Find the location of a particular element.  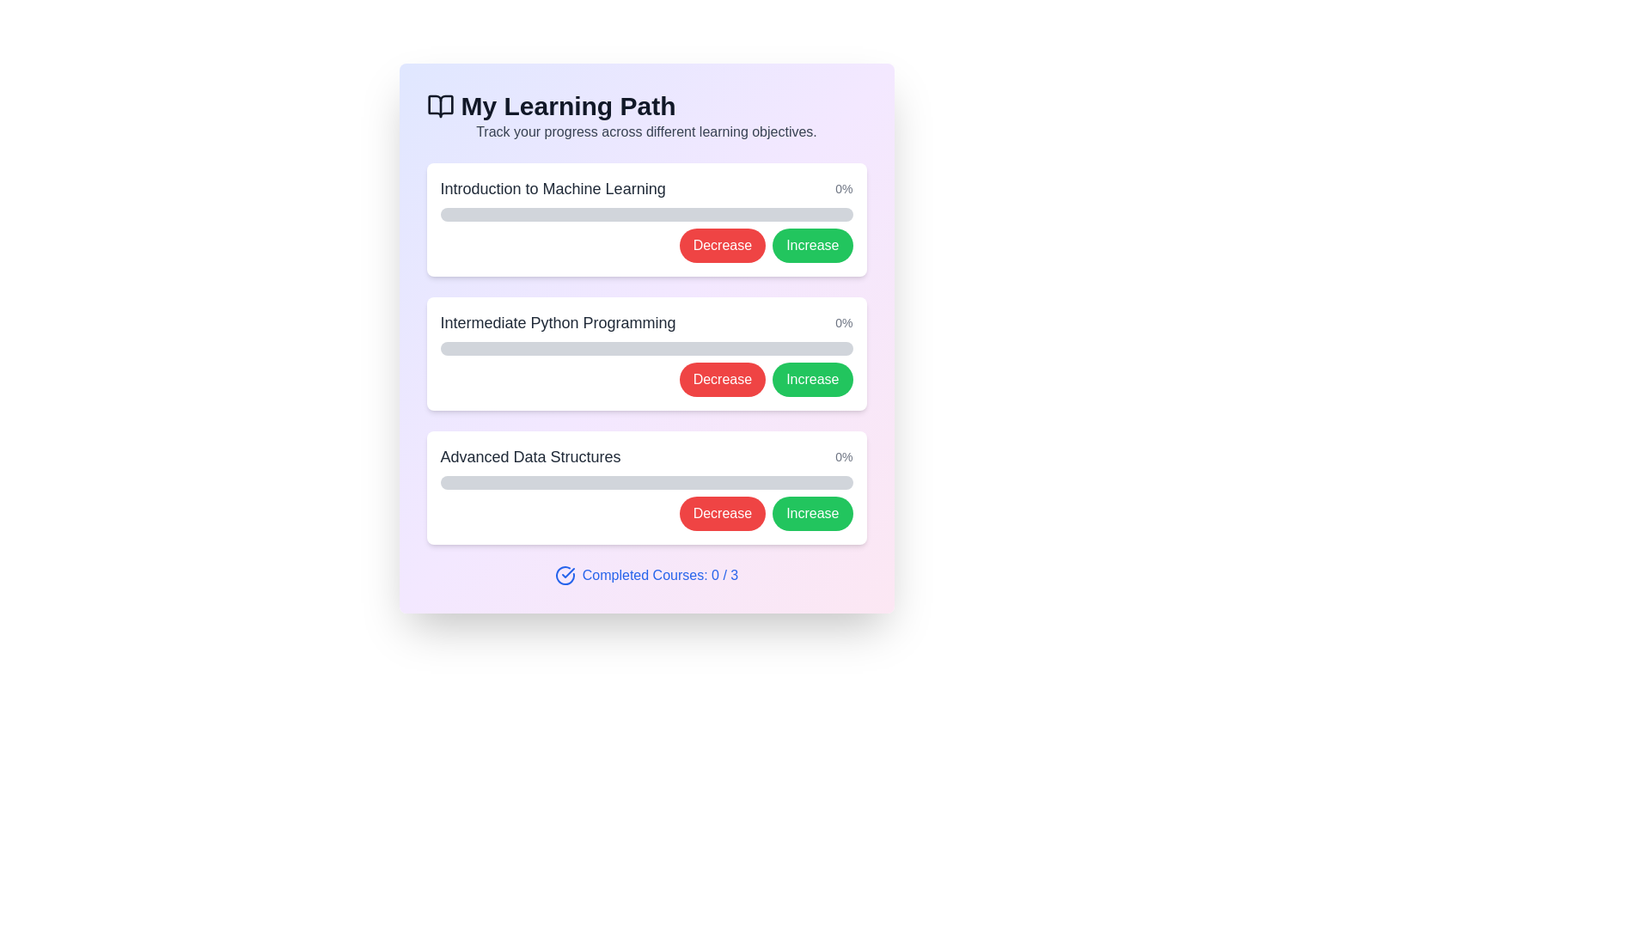

the Label displaying 'Introduction to Machine Learning' with the percentage '0%' on the right is located at coordinates (645, 188).